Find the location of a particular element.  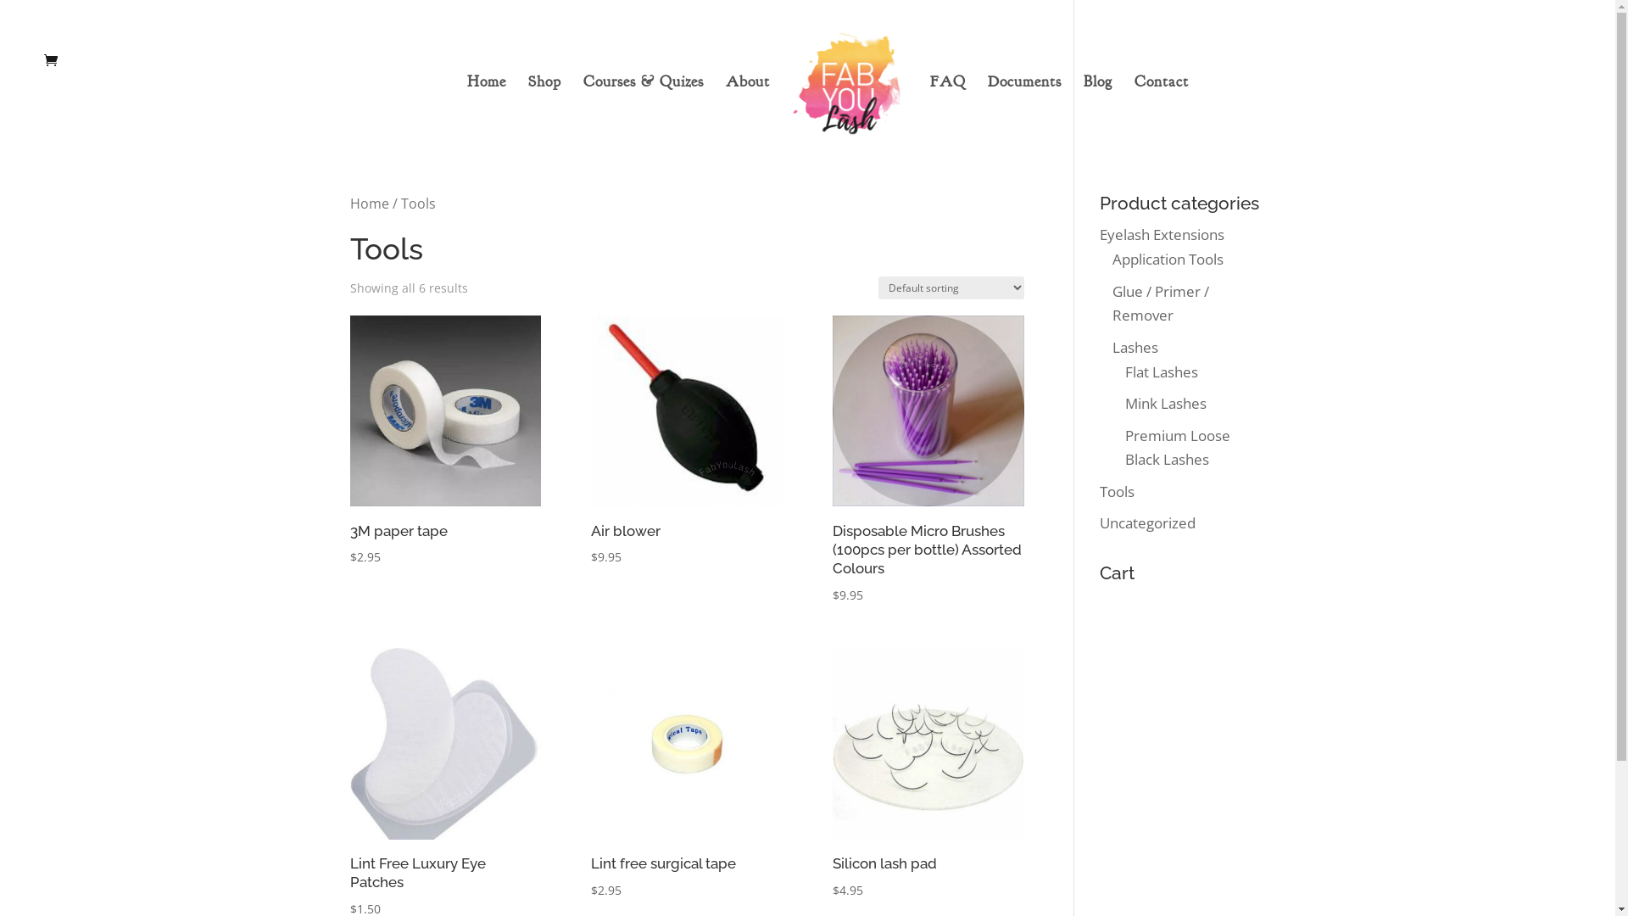

'Glue / Primer / Remover' is located at coordinates (1159, 303).